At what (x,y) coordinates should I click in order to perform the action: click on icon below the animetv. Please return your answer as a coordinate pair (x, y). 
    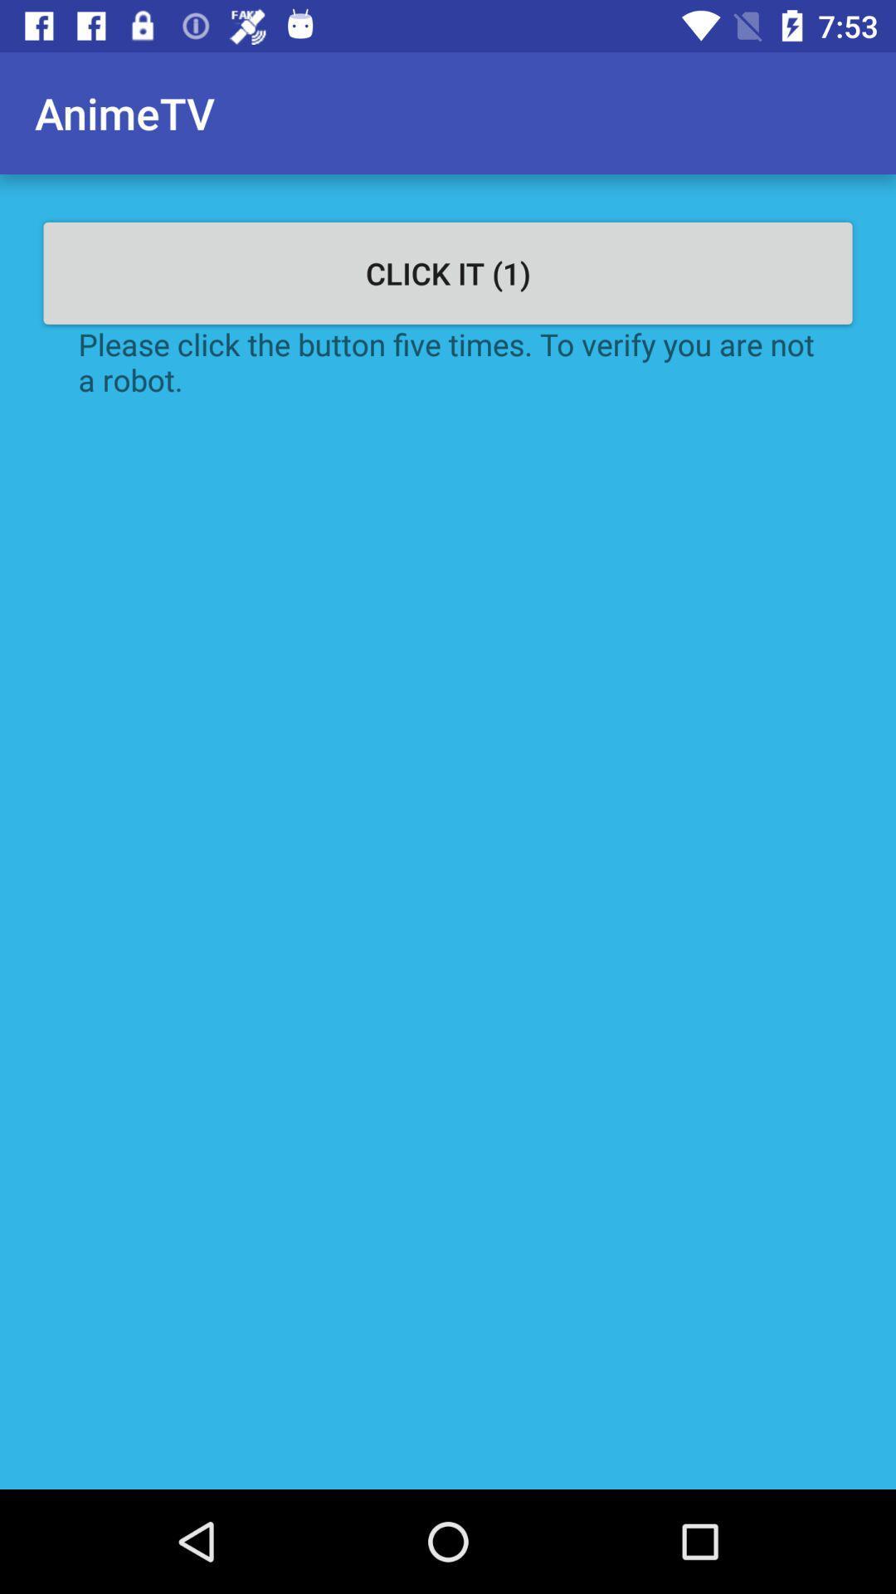
    Looking at the image, I should click on (448, 273).